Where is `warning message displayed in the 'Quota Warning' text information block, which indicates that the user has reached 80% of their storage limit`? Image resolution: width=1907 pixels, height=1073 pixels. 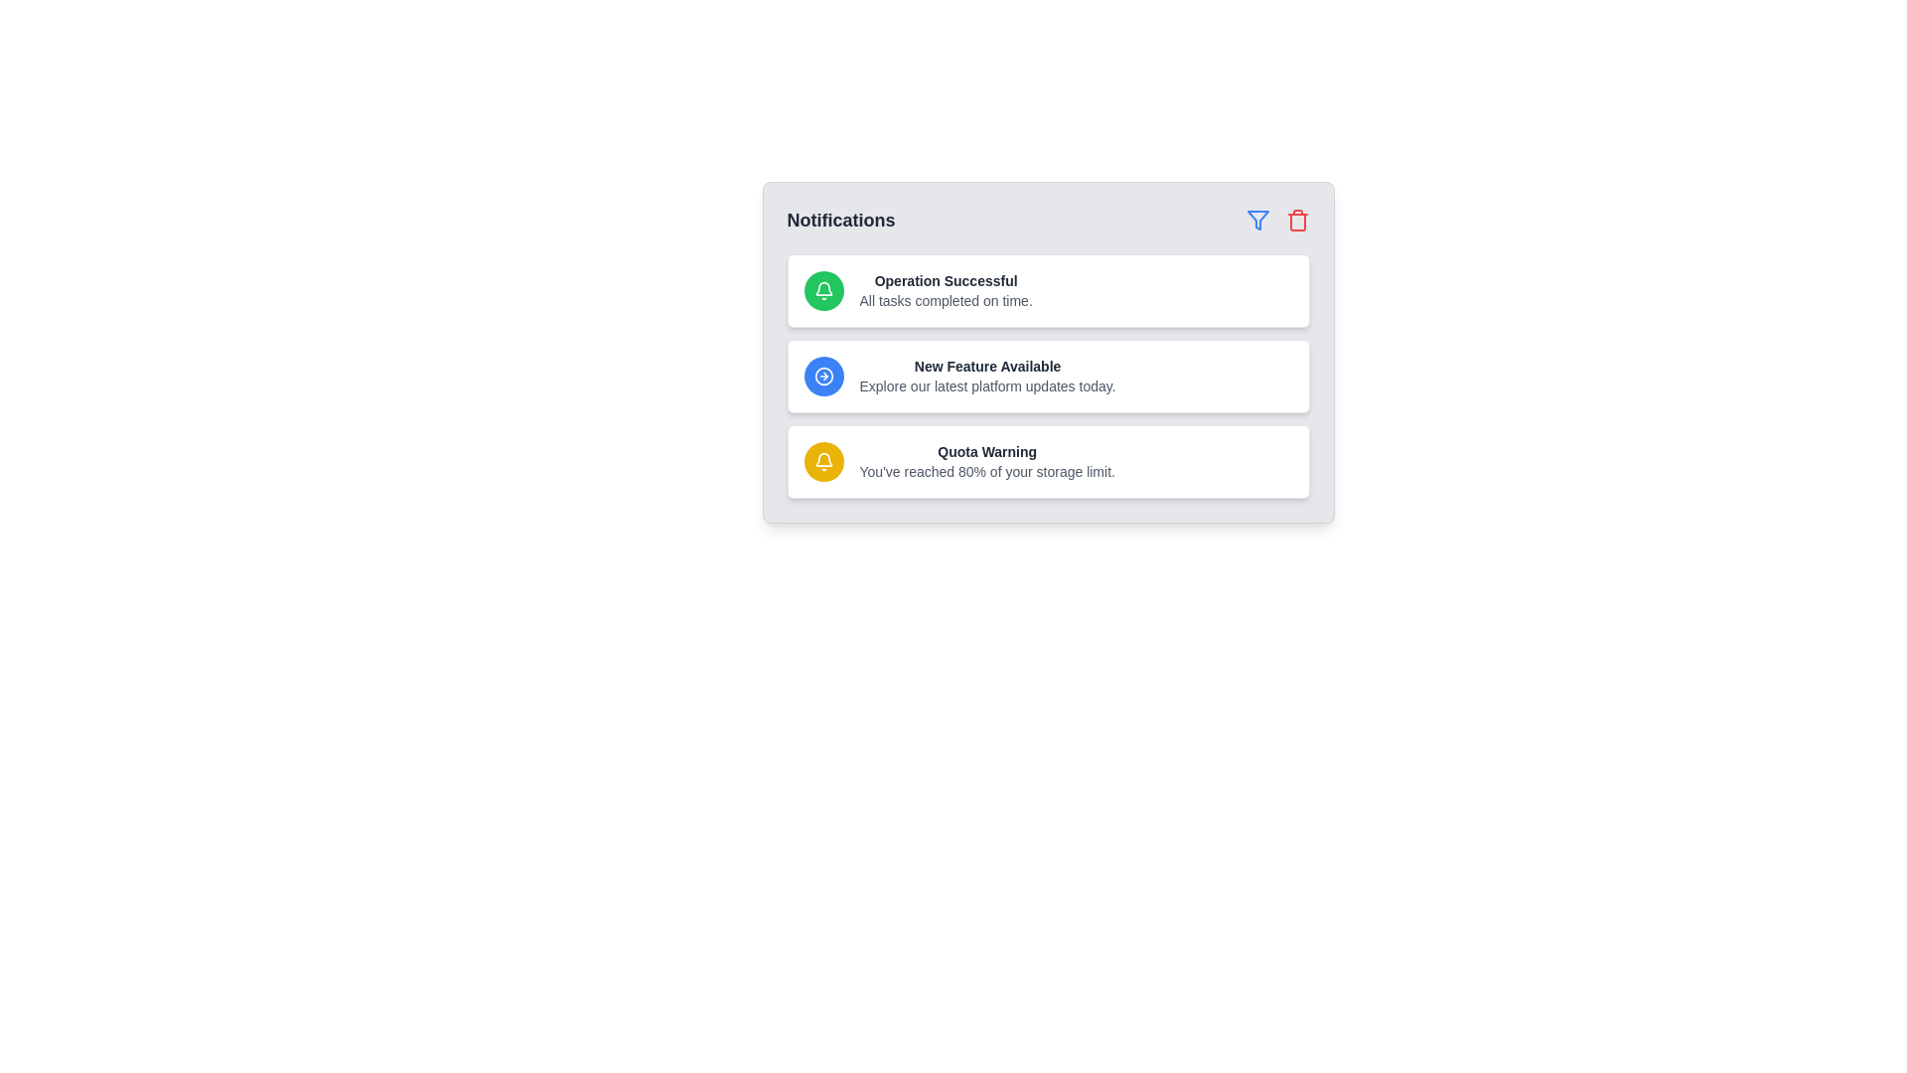 warning message displayed in the 'Quota Warning' text information block, which indicates that the user has reached 80% of their storage limit is located at coordinates (987, 462).